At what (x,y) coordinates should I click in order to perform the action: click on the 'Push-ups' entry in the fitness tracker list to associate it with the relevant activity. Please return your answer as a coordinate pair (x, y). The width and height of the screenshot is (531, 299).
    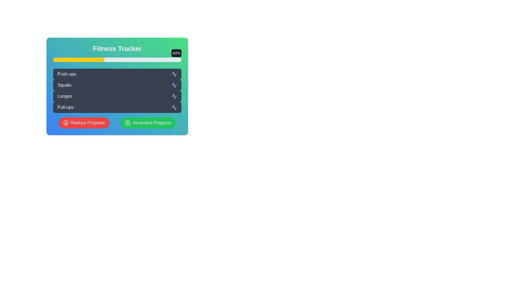
    Looking at the image, I should click on (117, 74).